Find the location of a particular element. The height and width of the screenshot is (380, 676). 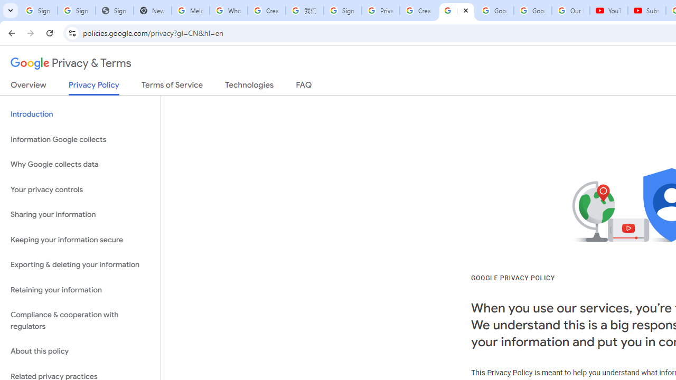

'Privacy & Terms' is located at coordinates (71, 63).